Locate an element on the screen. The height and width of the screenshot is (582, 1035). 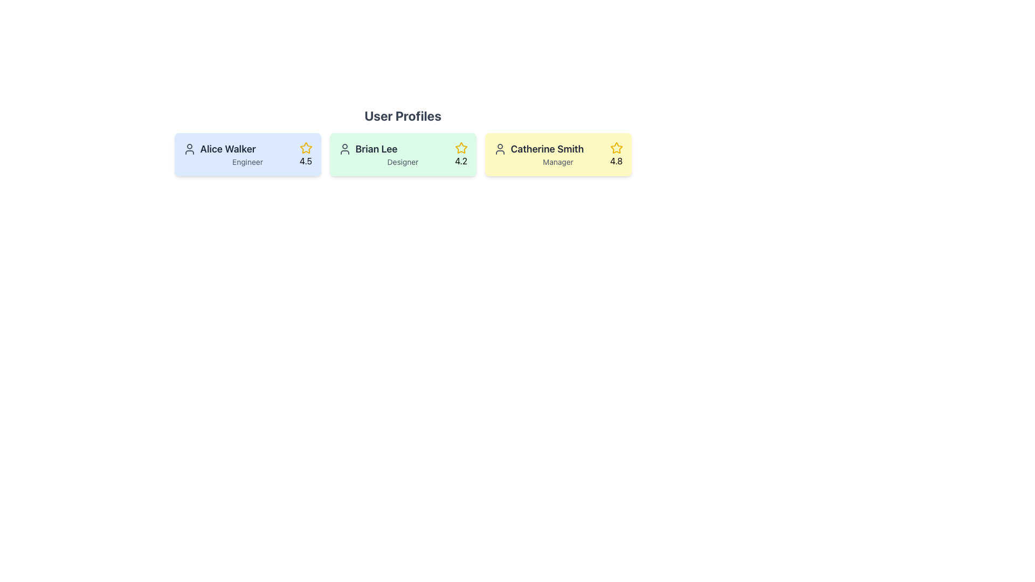
the rating indicator element consisting of a yellow star icon and the numeric value '4.2' located in the top-right corner of Brian Lee's profile card is located at coordinates (461, 154).